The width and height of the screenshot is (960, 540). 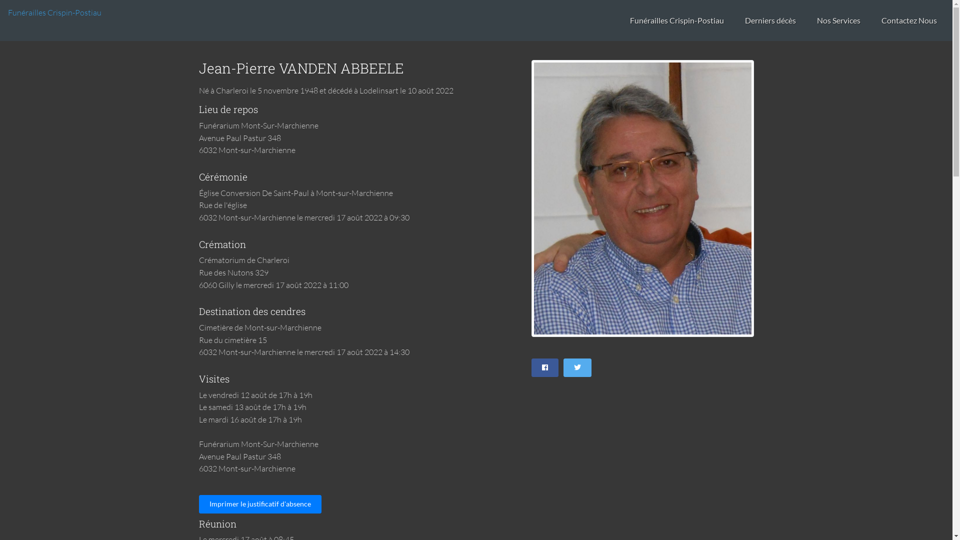 I want to click on 'Contactez Nous', so click(x=909, y=20).